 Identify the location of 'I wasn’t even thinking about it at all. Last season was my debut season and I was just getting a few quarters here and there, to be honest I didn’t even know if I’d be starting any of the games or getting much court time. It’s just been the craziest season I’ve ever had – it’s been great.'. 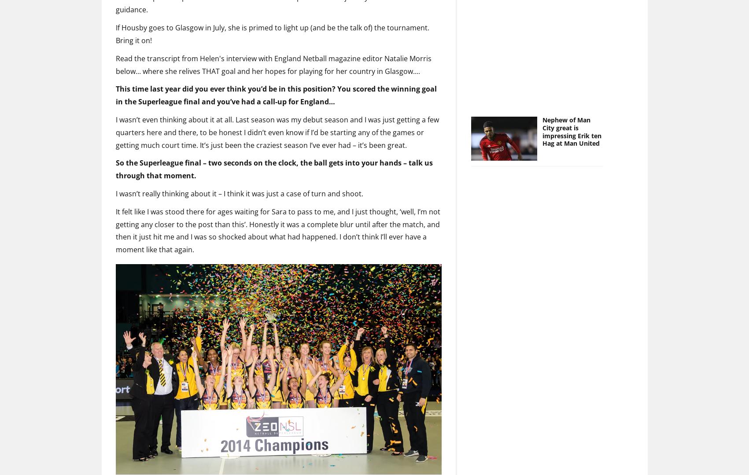
(277, 118).